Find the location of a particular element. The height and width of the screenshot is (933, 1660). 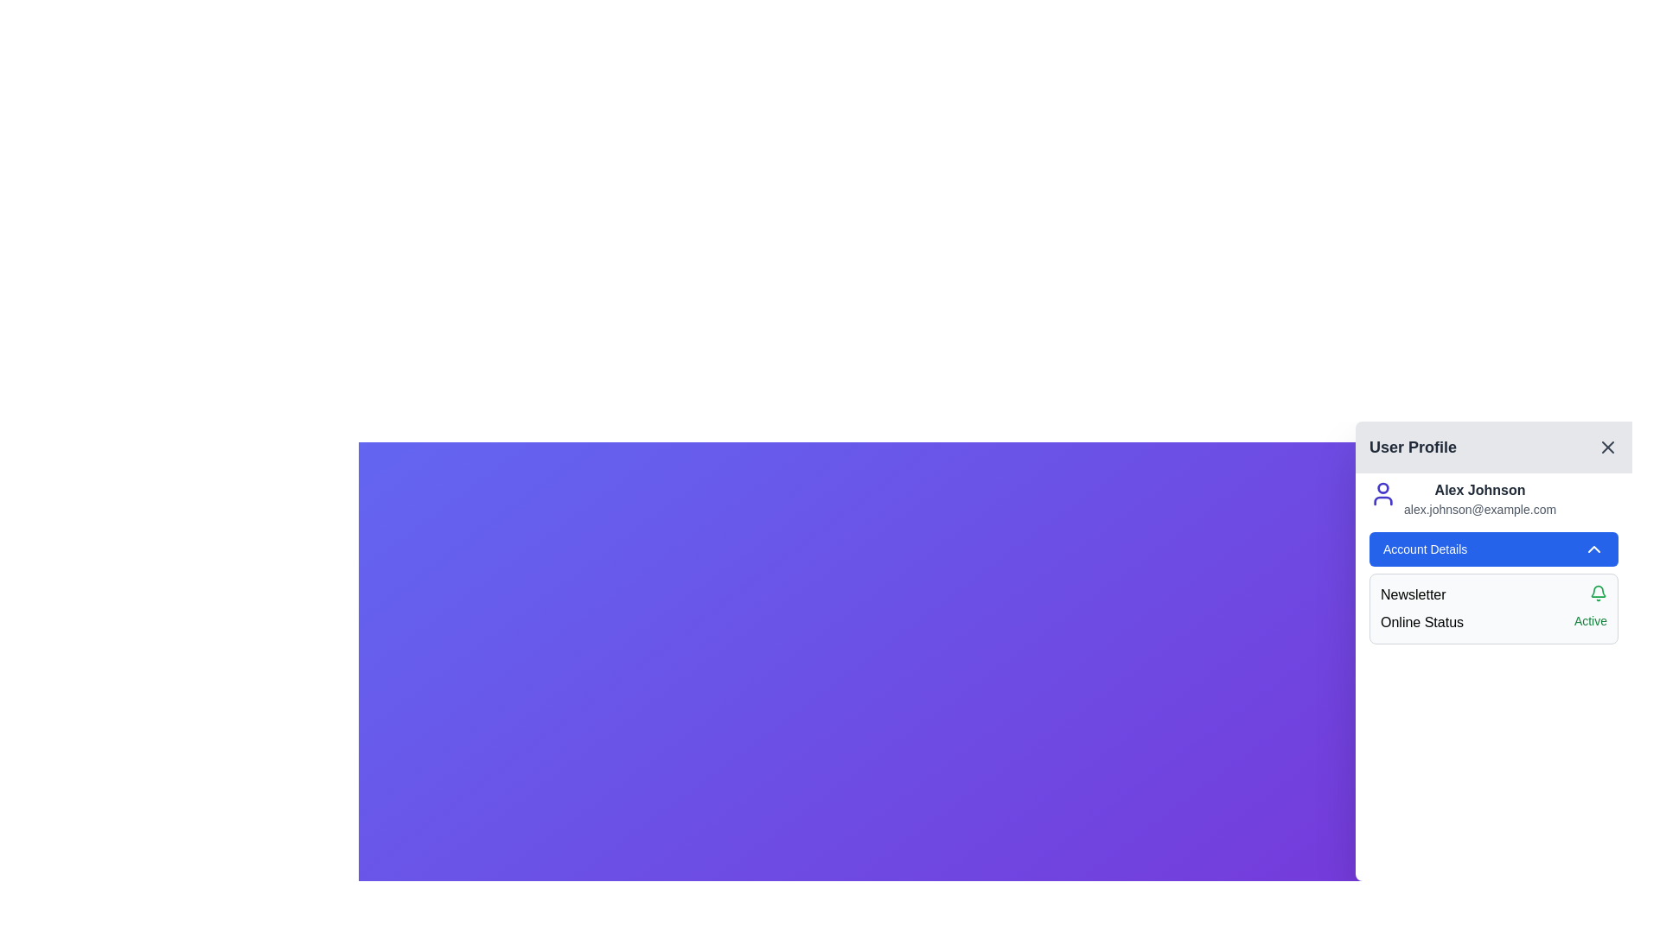

the 'X' icon button located at the top-right corner of the 'User Profile' header is located at coordinates (1607, 446).